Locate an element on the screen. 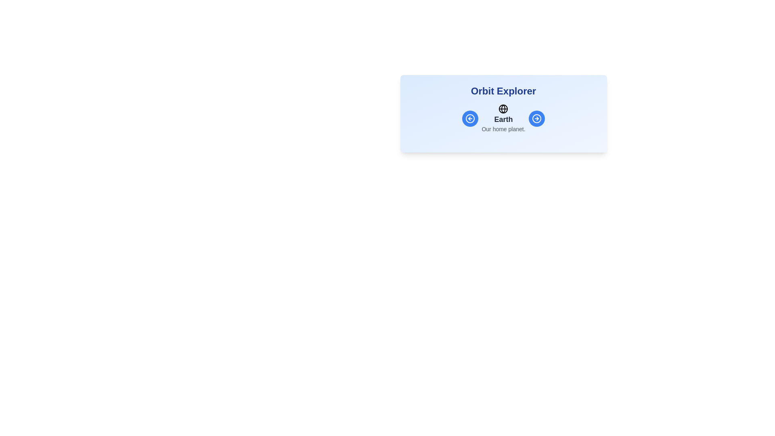 The width and height of the screenshot is (775, 436). the leftmost circular icon button with a blue border and a rightward-pointing arrow inside the 'Orbit Explorer' panel is located at coordinates (536, 118).